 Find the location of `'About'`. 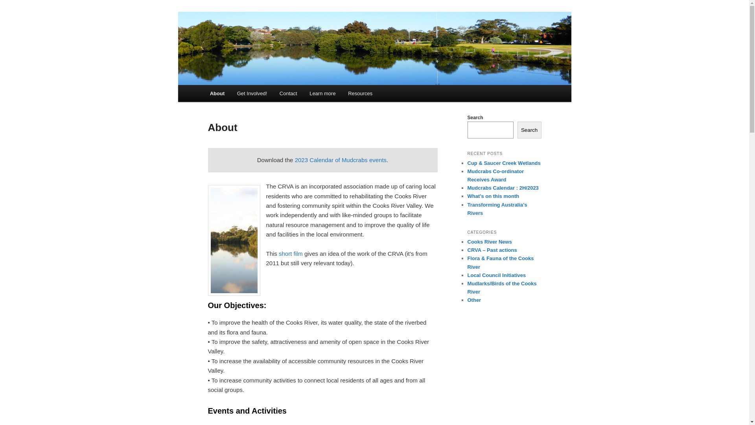

'About' is located at coordinates (217, 93).